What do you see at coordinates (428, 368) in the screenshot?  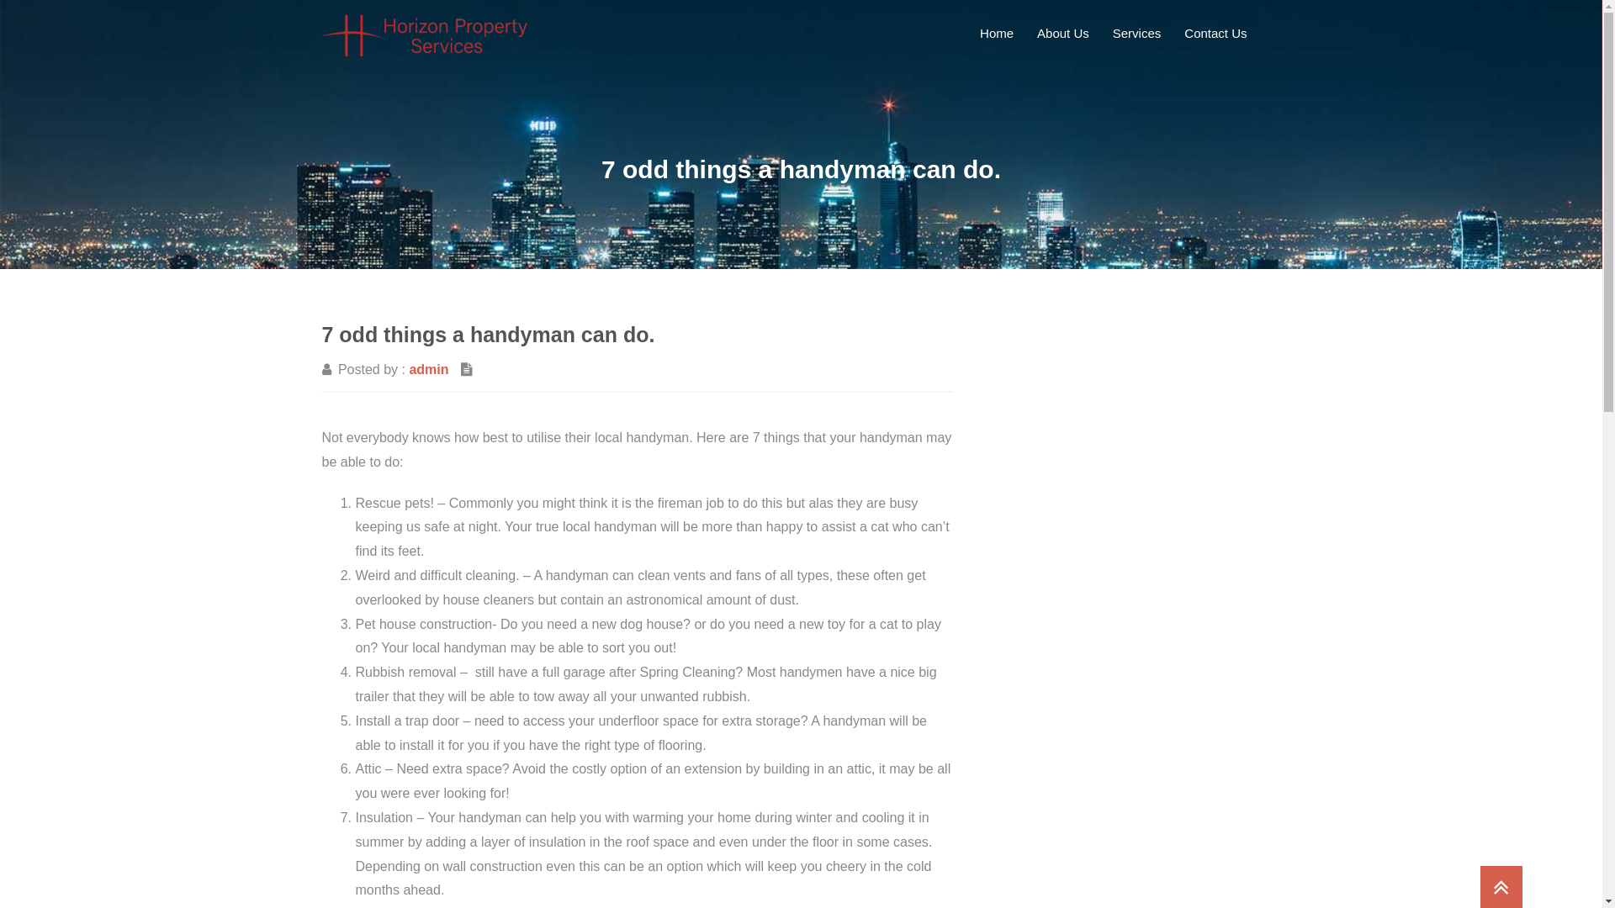 I see `'admin'` at bounding box center [428, 368].